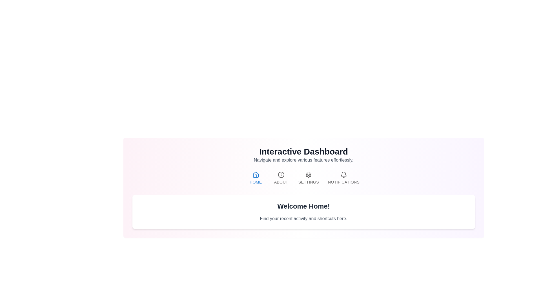 The height and width of the screenshot is (304, 541). I want to click on the 'Interactive Dashboard' text block, which consists of a bold heading and a subheading, to trigger potential visual effects, so click(303, 155).